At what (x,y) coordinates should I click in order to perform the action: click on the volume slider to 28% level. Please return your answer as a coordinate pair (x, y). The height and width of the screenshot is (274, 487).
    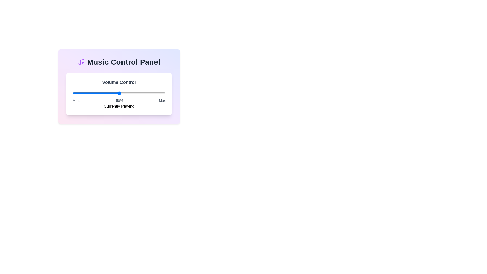
    Looking at the image, I should click on (98, 93).